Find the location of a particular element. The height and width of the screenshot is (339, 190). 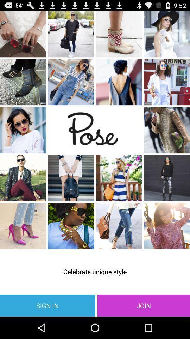

the join button is located at coordinates (143, 305).